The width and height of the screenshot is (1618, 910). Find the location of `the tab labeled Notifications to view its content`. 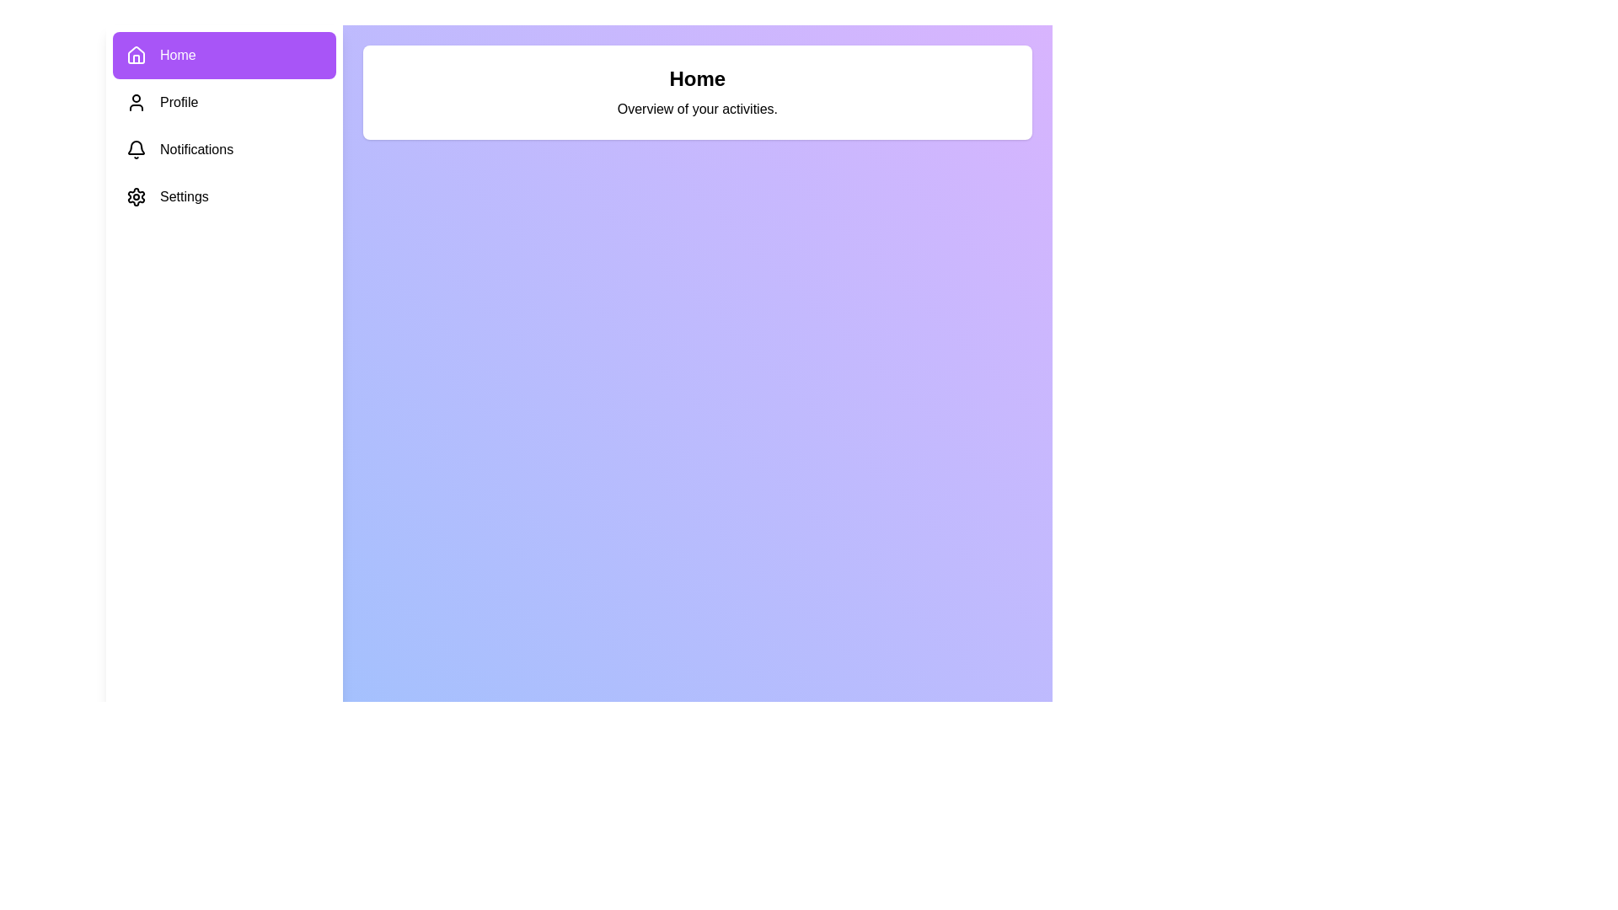

the tab labeled Notifications to view its content is located at coordinates (223, 148).